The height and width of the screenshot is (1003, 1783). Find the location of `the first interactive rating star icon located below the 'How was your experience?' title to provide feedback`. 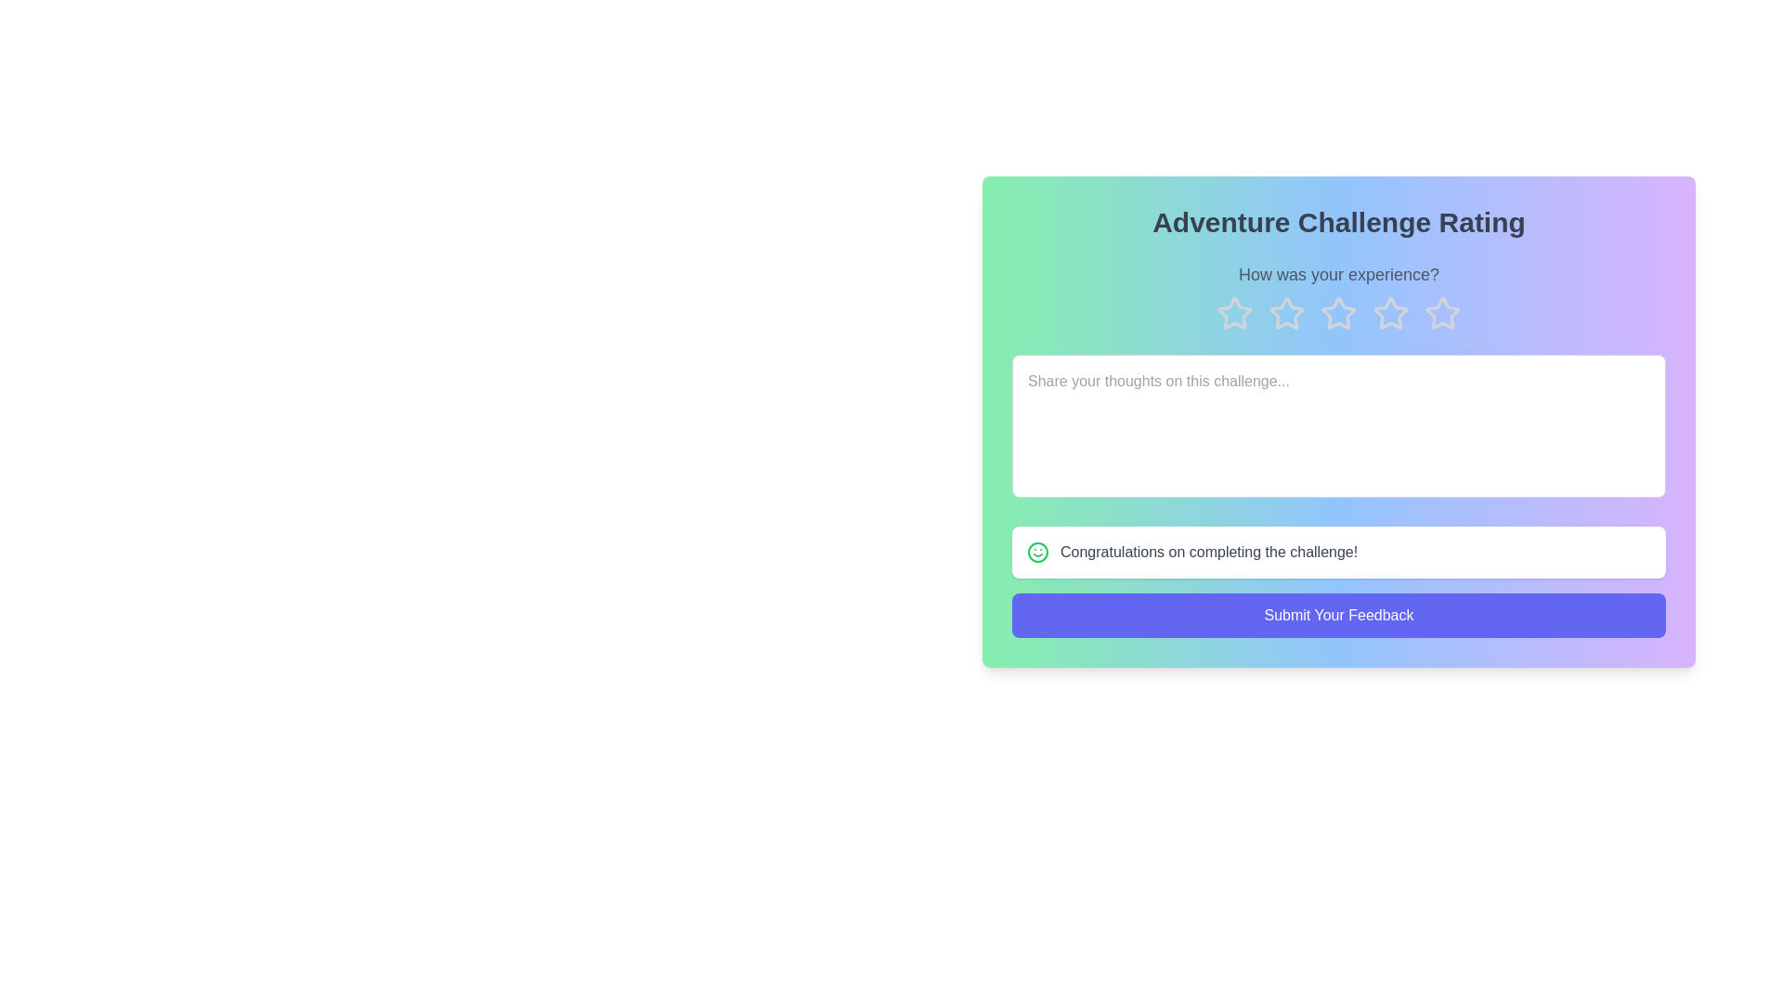

the first interactive rating star icon located below the 'How was your experience?' title to provide feedback is located at coordinates (1234, 311).